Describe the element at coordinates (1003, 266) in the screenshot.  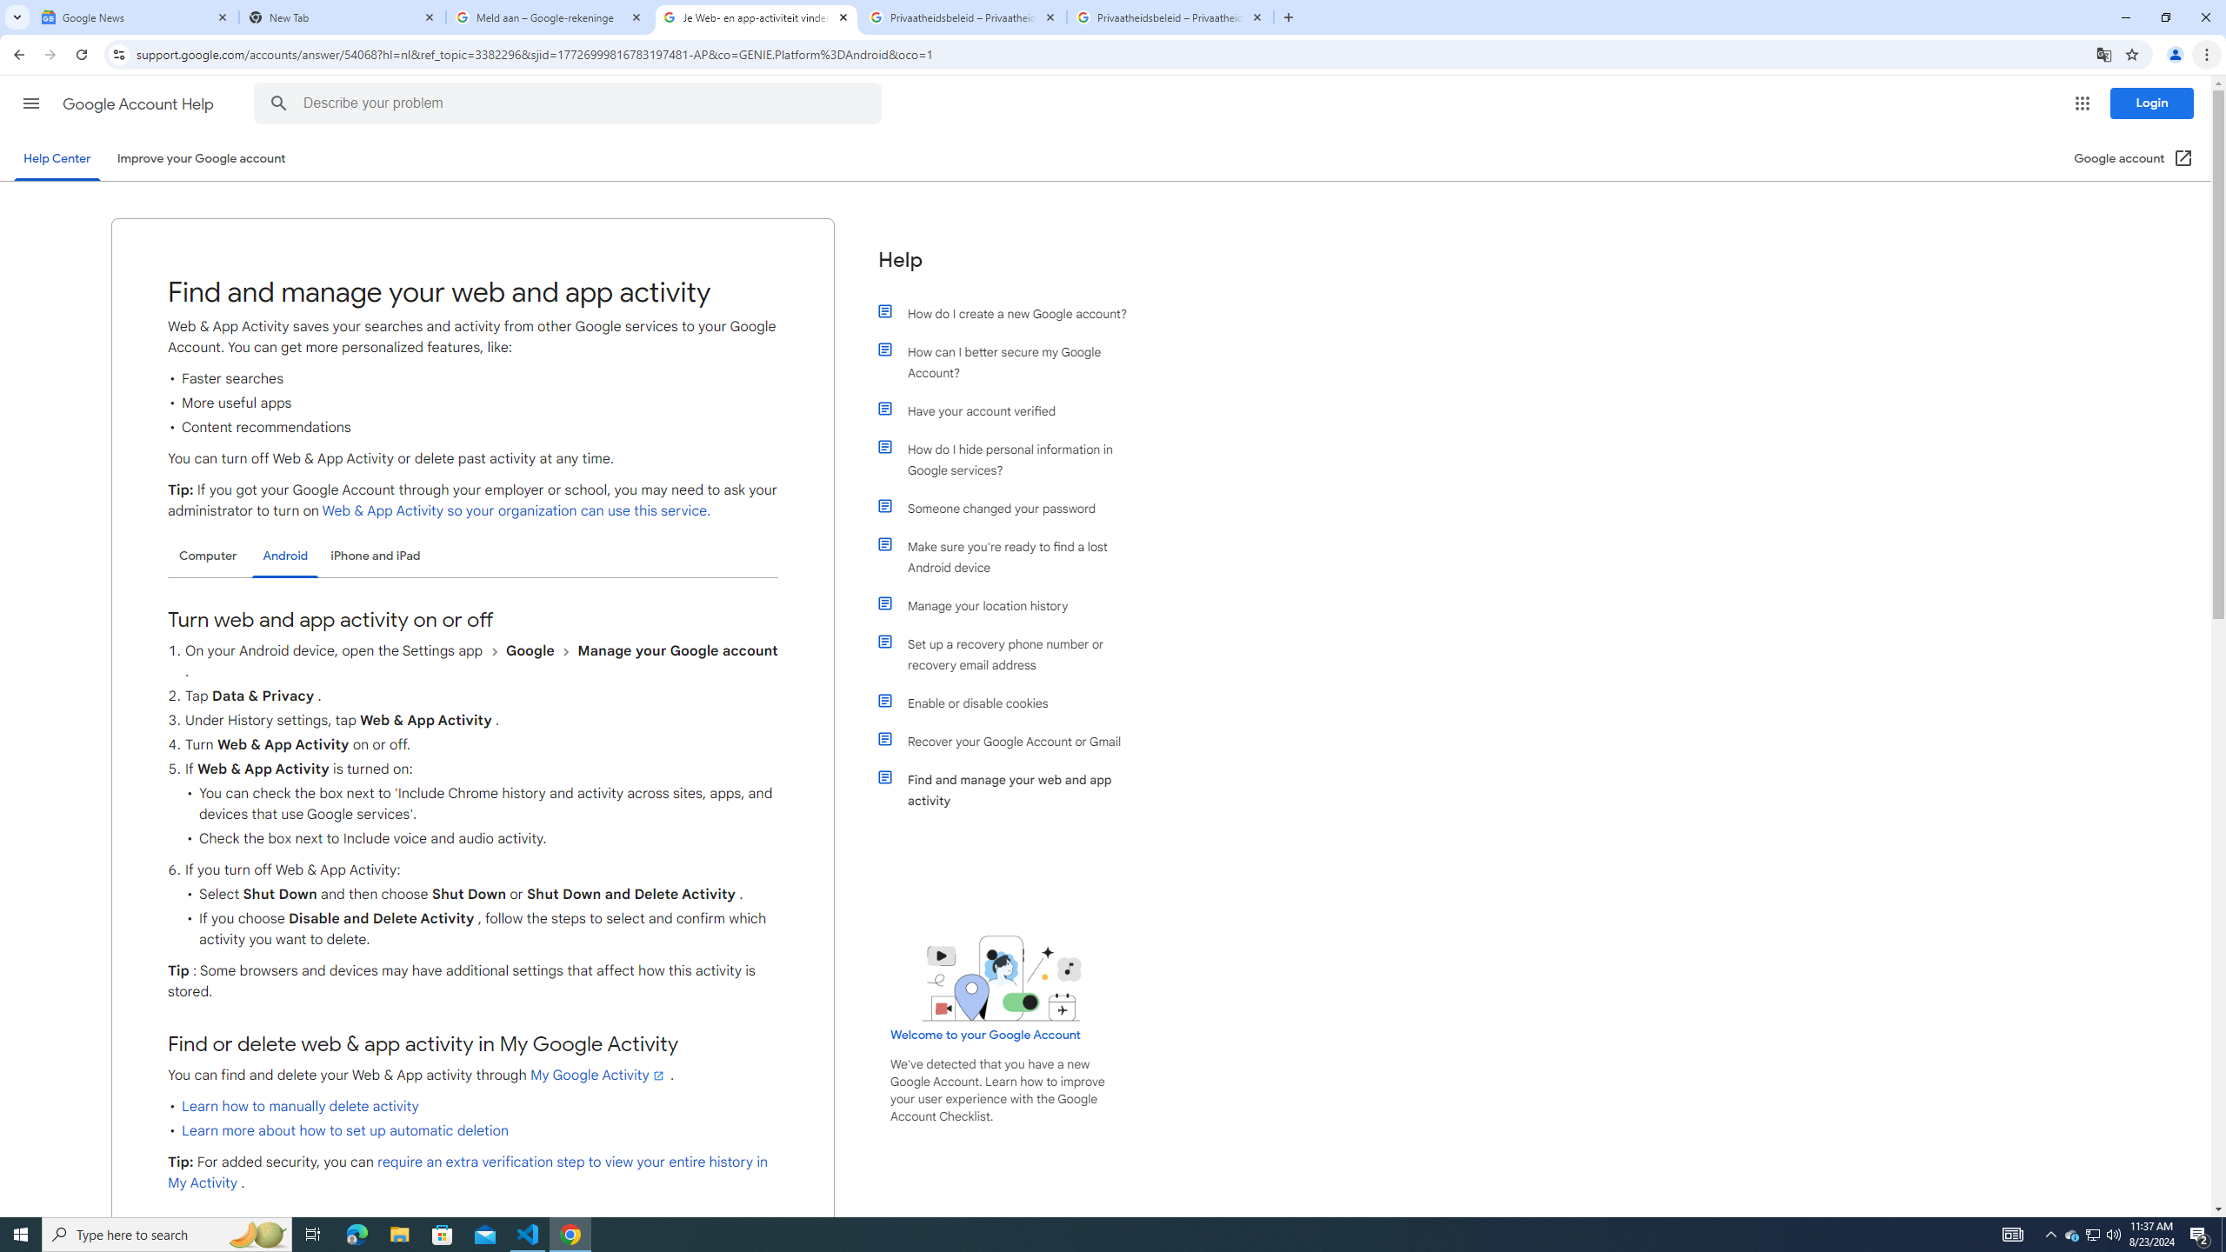
I see `'Help'` at that location.